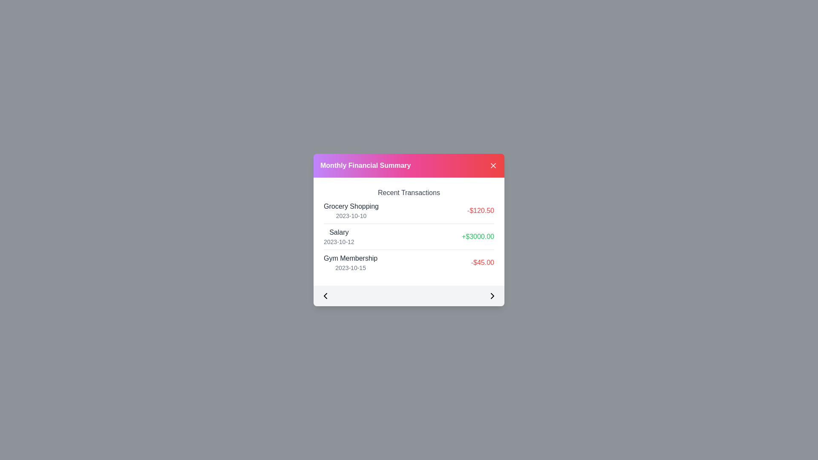 The width and height of the screenshot is (818, 460). I want to click on the left arrow button to navigate to the previous page, so click(325, 295).